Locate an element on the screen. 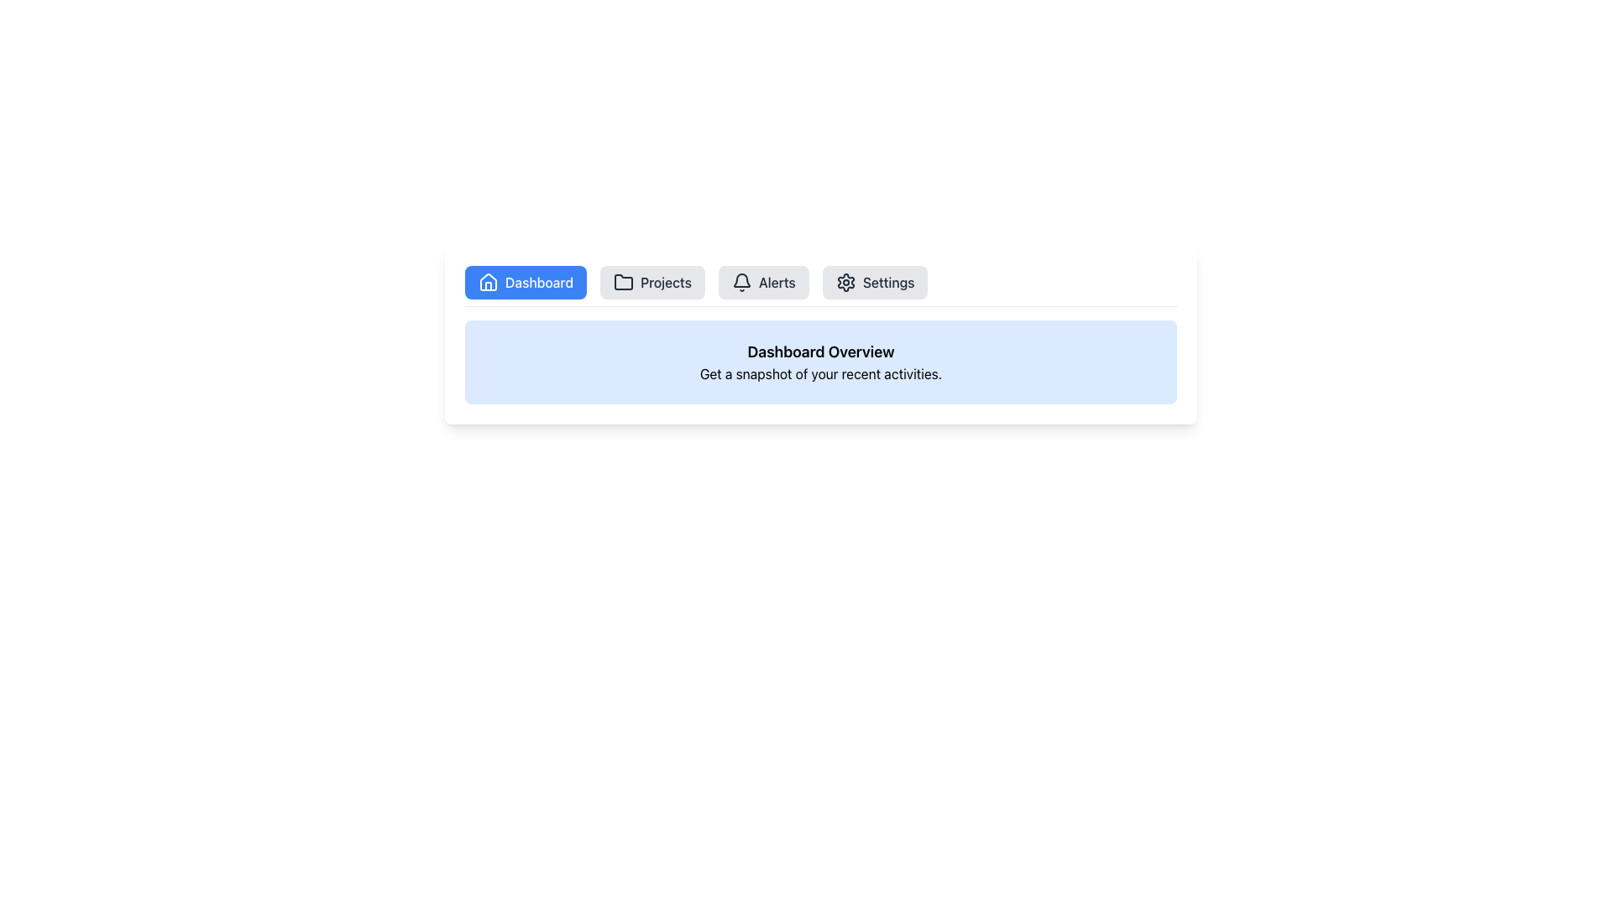  the 'Alerts' button in the navigation bar is located at coordinates (762, 281).